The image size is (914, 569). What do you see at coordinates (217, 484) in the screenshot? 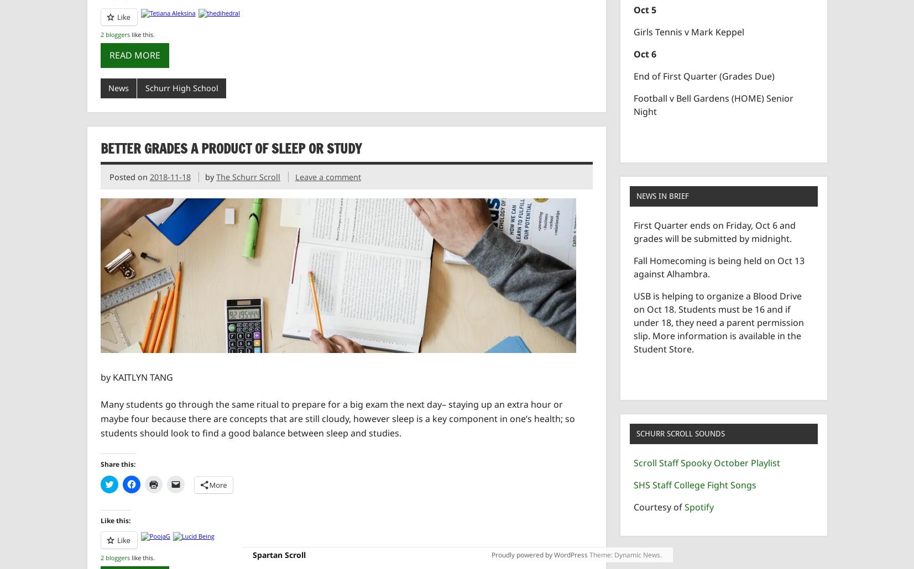
I see `'More'` at bounding box center [217, 484].